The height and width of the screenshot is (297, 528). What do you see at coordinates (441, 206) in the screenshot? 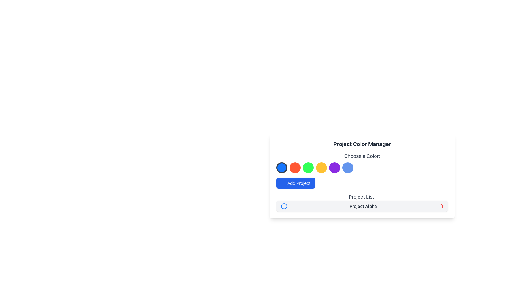
I see `the red trash can icon representing the delete function for 'Project Alpha'` at bounding box center [441, 206].